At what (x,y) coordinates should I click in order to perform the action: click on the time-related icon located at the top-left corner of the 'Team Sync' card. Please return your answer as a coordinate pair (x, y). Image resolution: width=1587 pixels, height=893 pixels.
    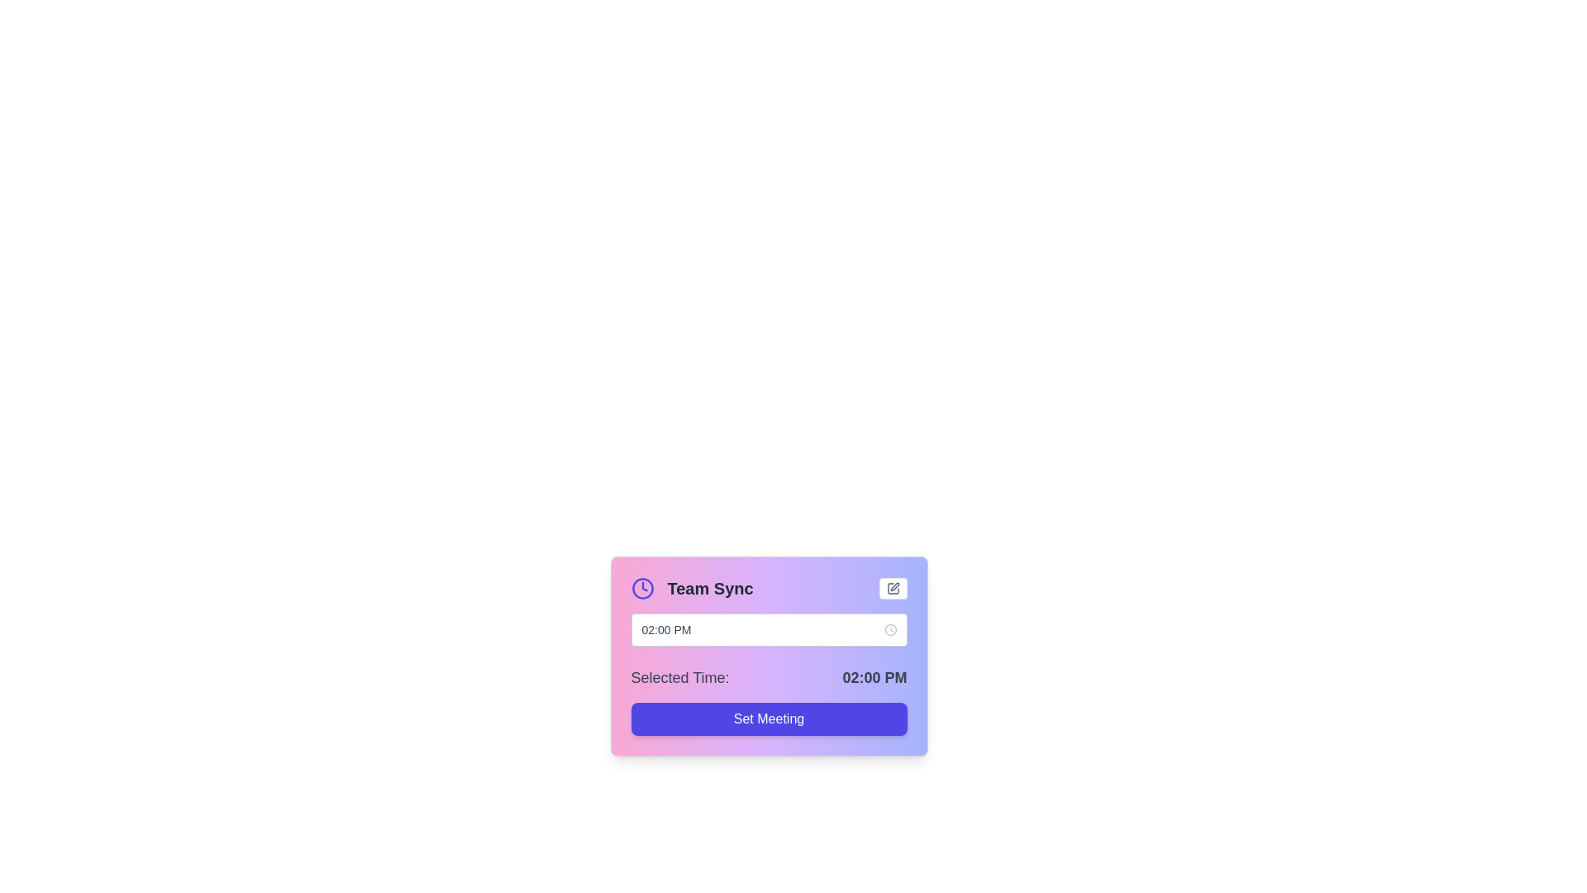
    Looking at the image, I should click on (641, 588).